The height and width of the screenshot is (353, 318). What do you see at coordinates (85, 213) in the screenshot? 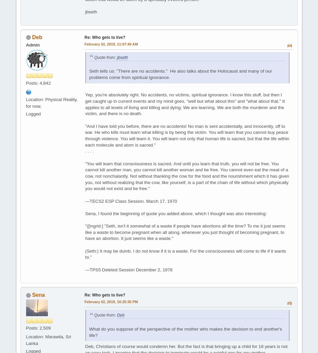
I see `'Sena, I found the beginning of quote you added above, which I thought was also interesting:'` at bounding box center [85, 213].